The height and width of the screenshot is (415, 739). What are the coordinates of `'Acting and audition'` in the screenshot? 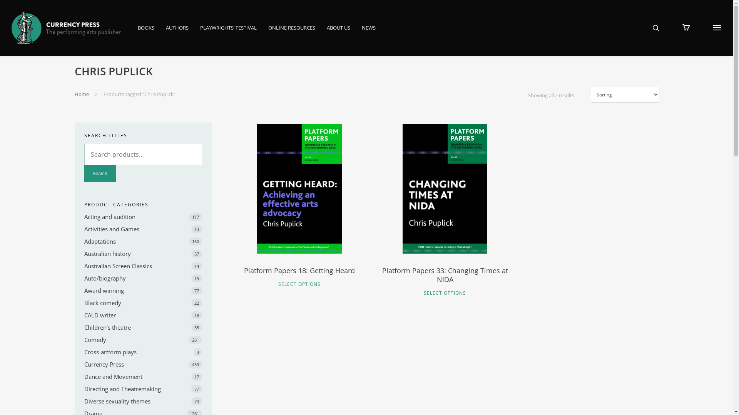 It's located at (143, 216).